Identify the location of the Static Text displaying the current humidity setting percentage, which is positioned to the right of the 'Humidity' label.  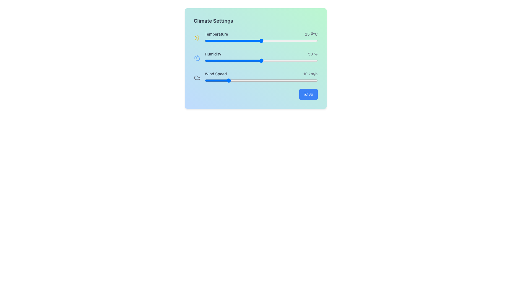
(313, 54).